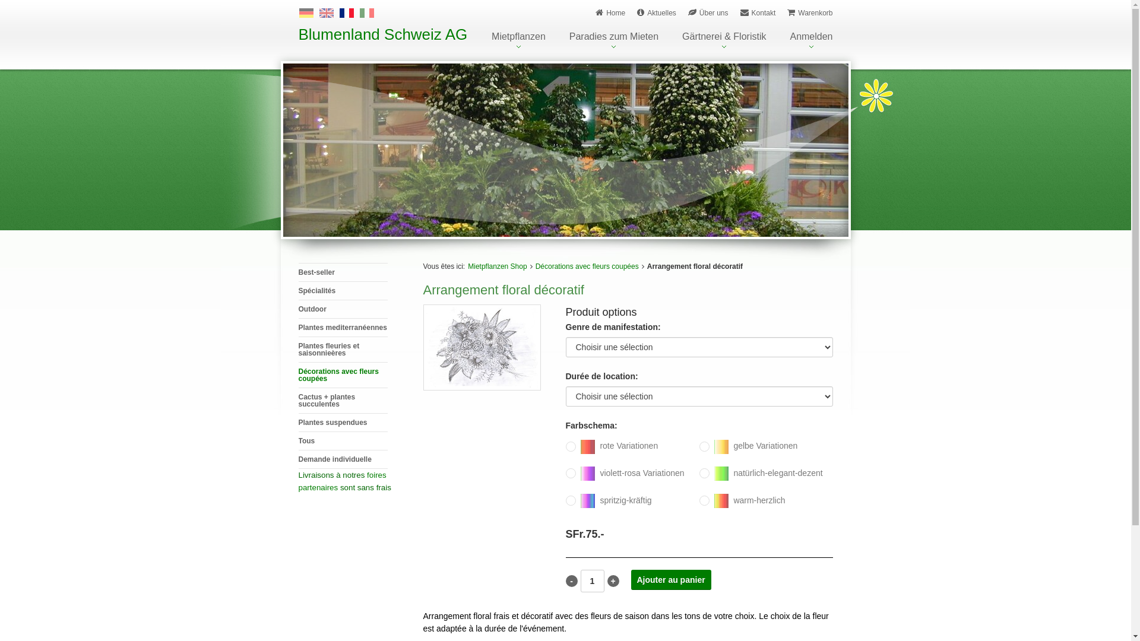 This screenshot has width=1140, height=641. What do you see at coordinates (341, 481) in the screenshot?
I see `'foires partenaires'` at bounding box center [341, 481].